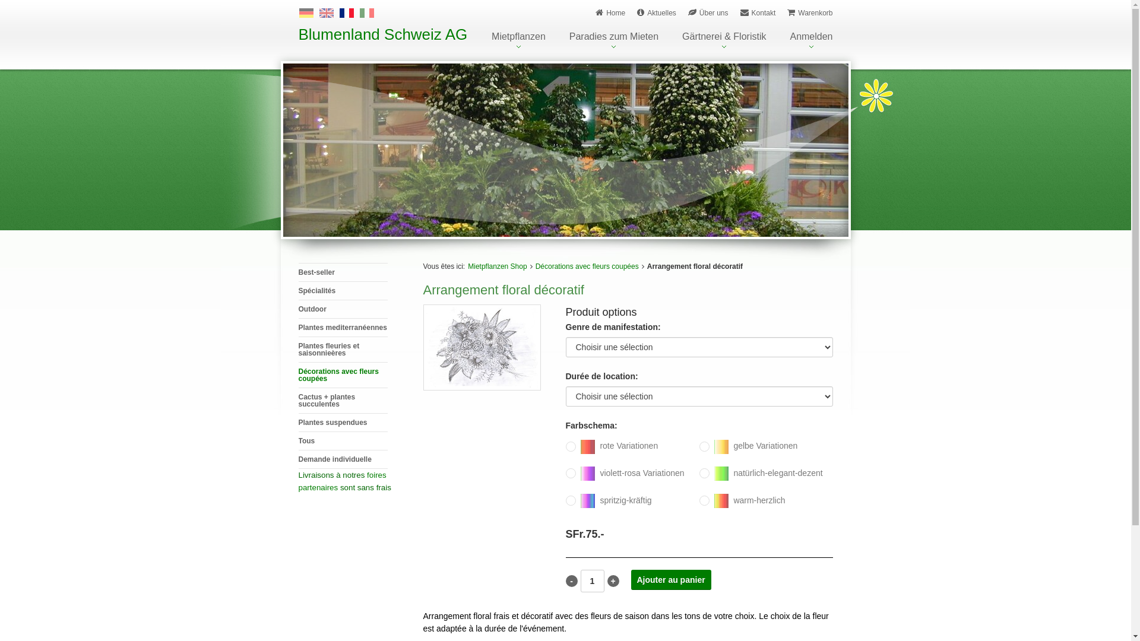 This screenshot has width=1140, height=641. What do you see at coordinates (341, 481) in the screenshot?
I see `'foires partenaires'` at bounding box center [341, 481].